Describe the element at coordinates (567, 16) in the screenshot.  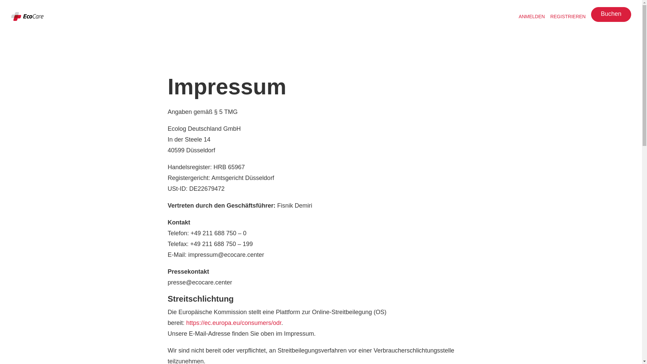
I see `'REGISTRIEREN'` at that location.